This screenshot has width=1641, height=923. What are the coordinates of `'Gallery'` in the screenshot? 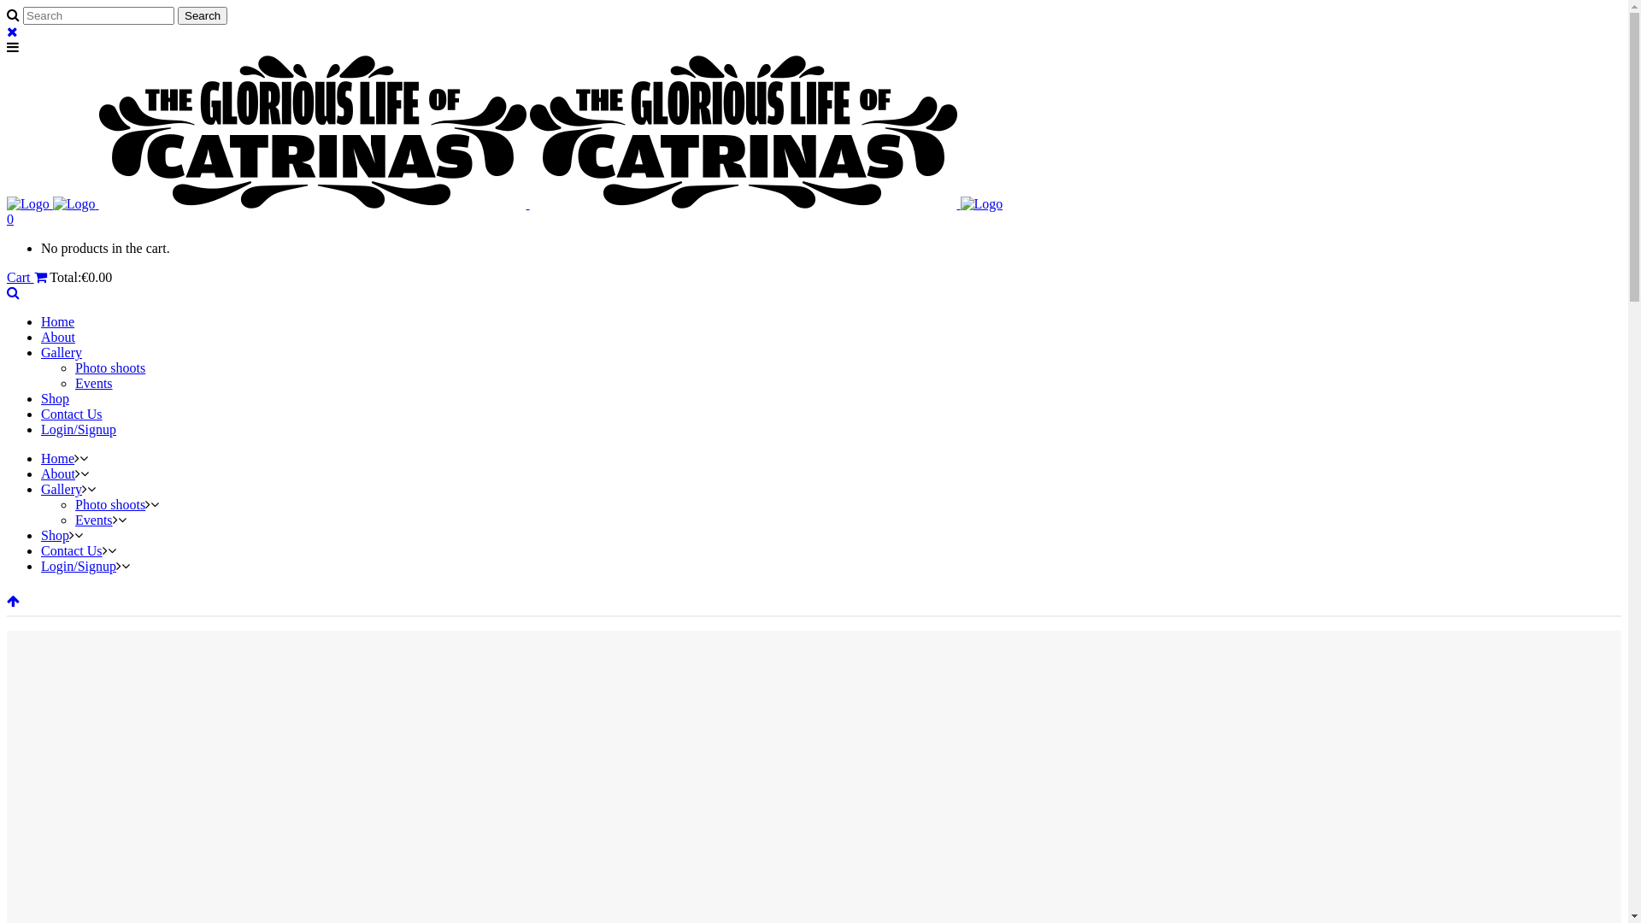 It's located at (62, 489).